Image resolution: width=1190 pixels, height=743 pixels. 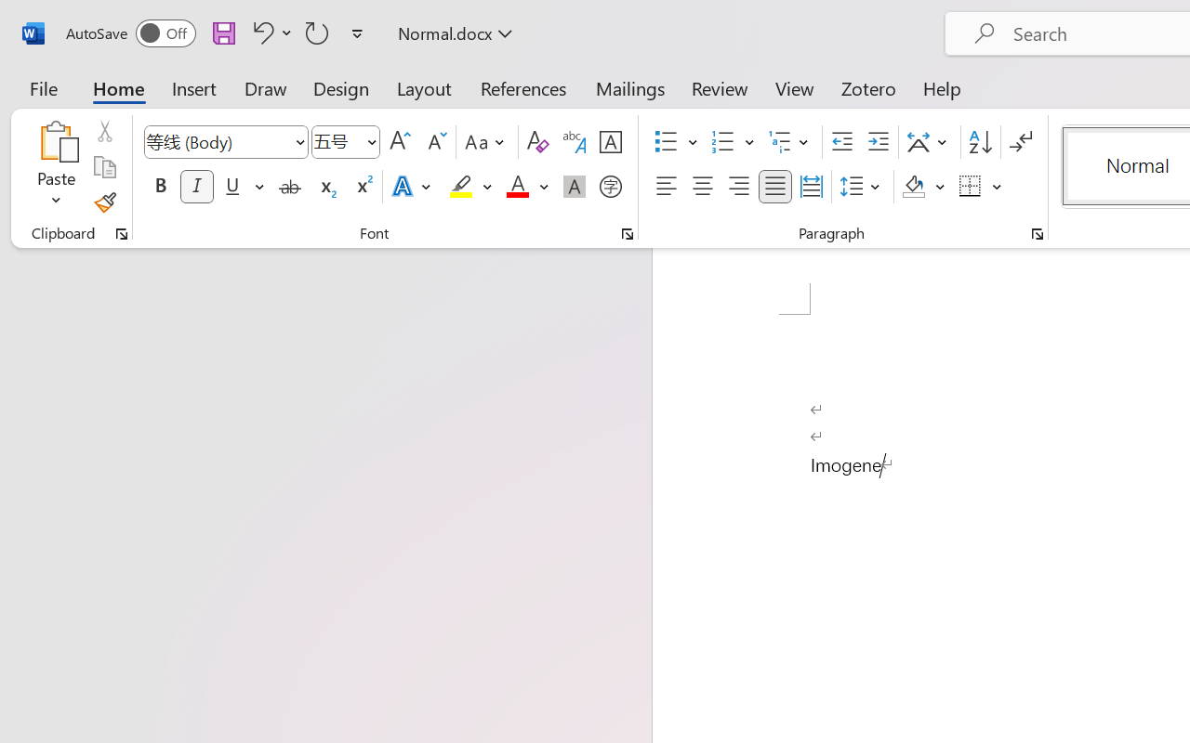 What do you see at coordinates (877, 142) in the screenshot?
I see `'Increase Indent'` at bounding box center [877, 142].